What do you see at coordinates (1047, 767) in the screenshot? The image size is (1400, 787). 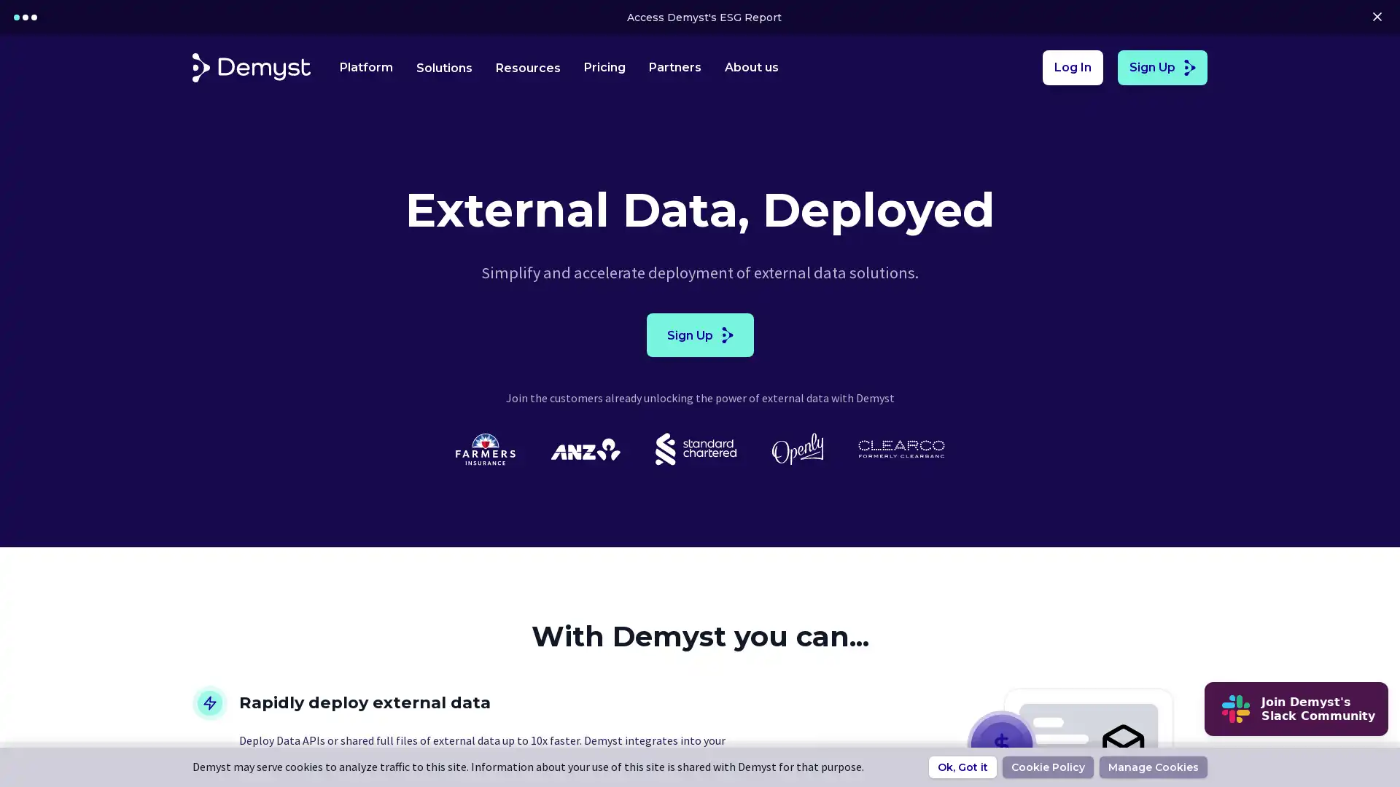 I see `Cookie Policy` at bounding box center [1047, 767].